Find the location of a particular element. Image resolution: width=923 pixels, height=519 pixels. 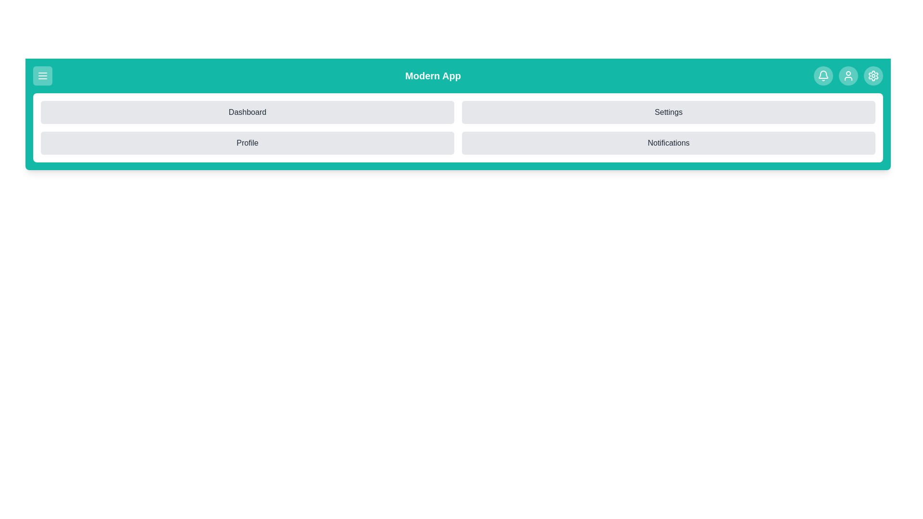

the 'Notifications' button to select it is located at coordinates (668, 143).